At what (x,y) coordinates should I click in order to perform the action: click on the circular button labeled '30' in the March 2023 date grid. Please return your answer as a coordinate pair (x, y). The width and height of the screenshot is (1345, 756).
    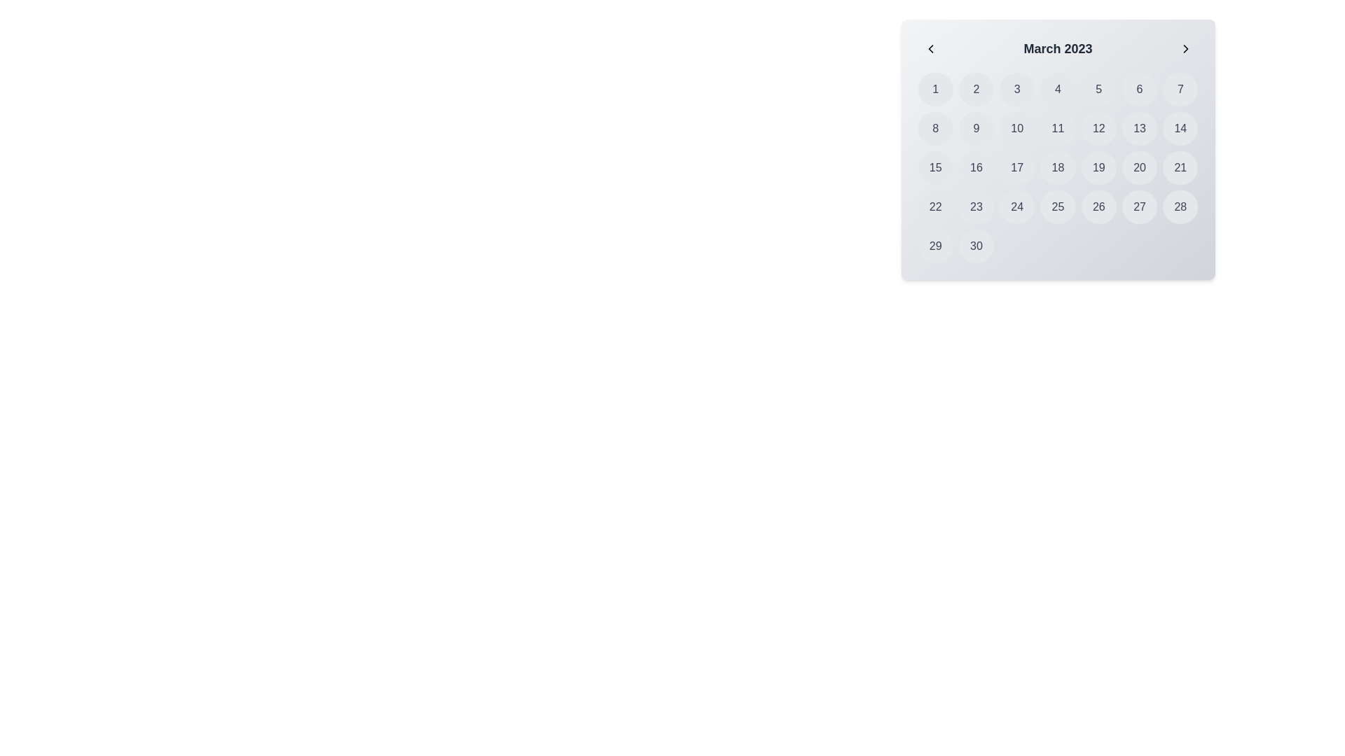
    Looking at the image, I should click on (975, 245).